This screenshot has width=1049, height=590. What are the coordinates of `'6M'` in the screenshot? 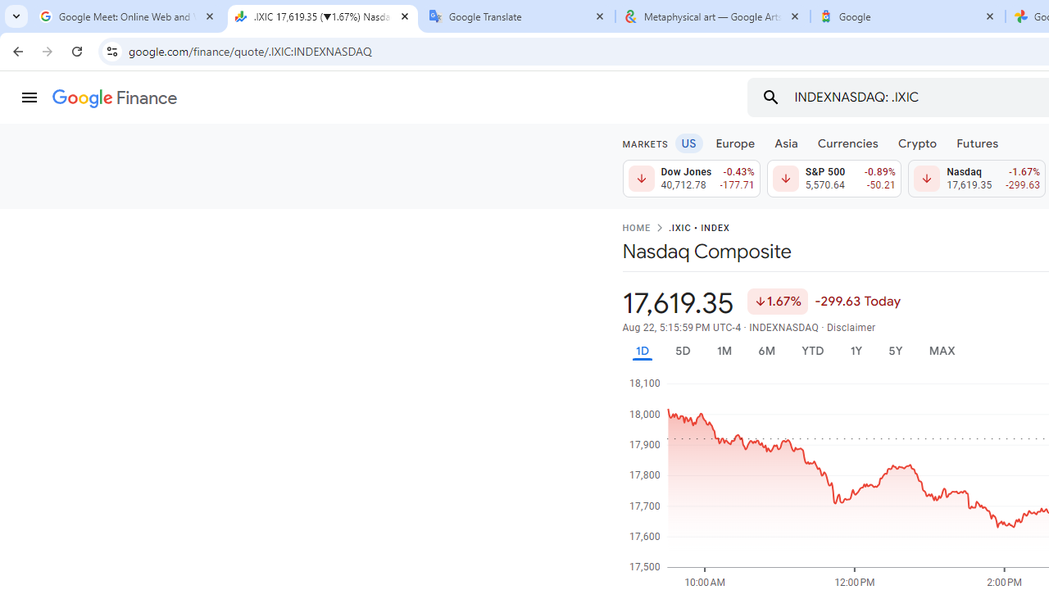 It's located at (765, 350).